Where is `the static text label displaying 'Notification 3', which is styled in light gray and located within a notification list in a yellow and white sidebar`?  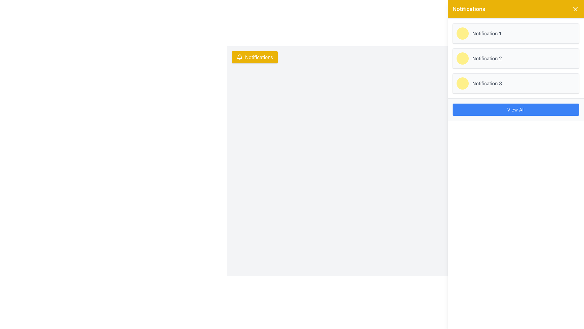 the static text label displaying 'Notification 3', which is styled in light gray and located within a notification list in a yellow and white sidebar is located at coordinates (487, 83).